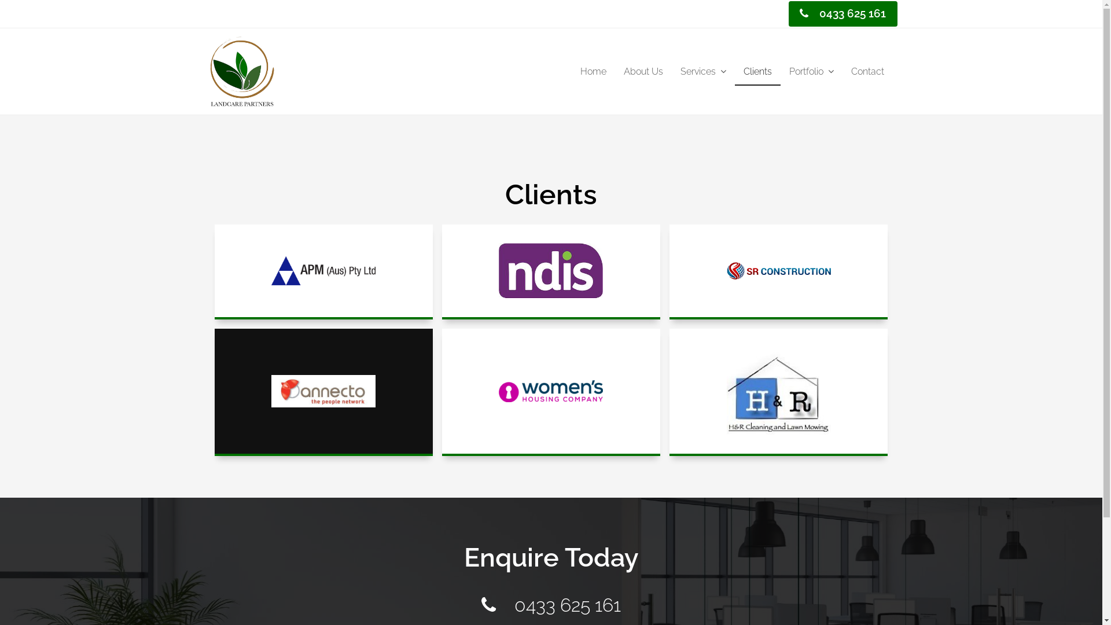  What do you see at coordinates (593, 72) in the screenshot?
I see `'Home'` at bounding box center [593, 72].